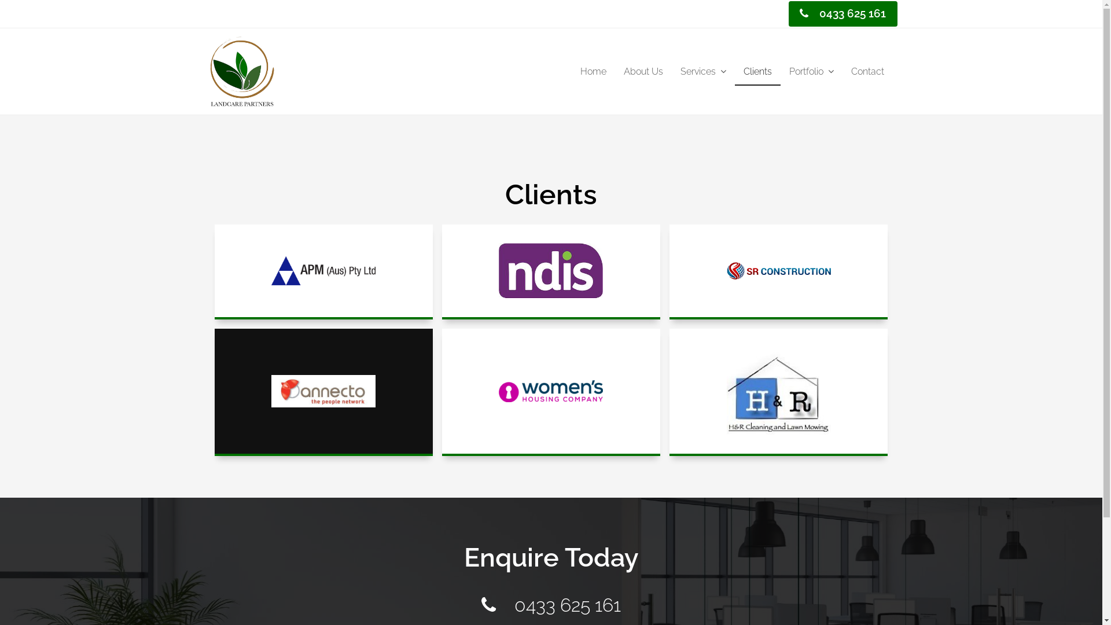  What do you see at coordinates (593, 72) in the screenshot?
I see `'Home'` at bounding box center [593, 72].